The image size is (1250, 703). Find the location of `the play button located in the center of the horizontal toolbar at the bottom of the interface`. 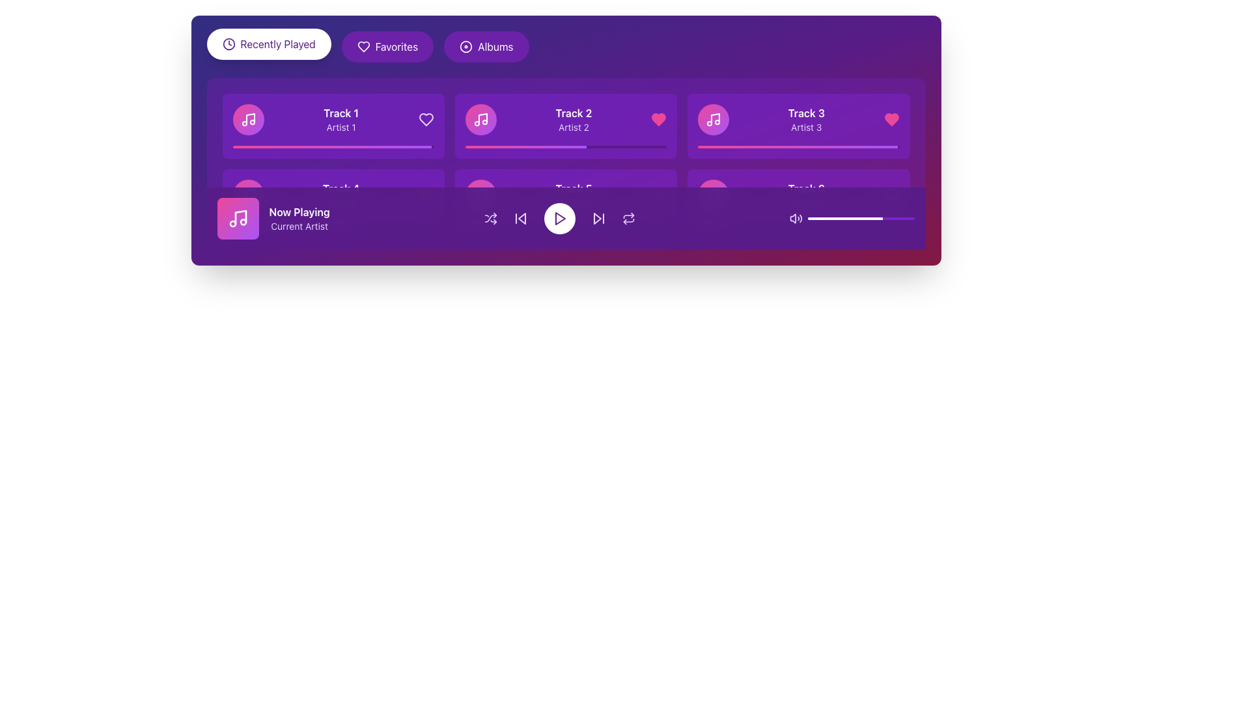

the play button located in the center of the horizontal toolbar at the bottom of the interface is located at coordinates (559, 217).